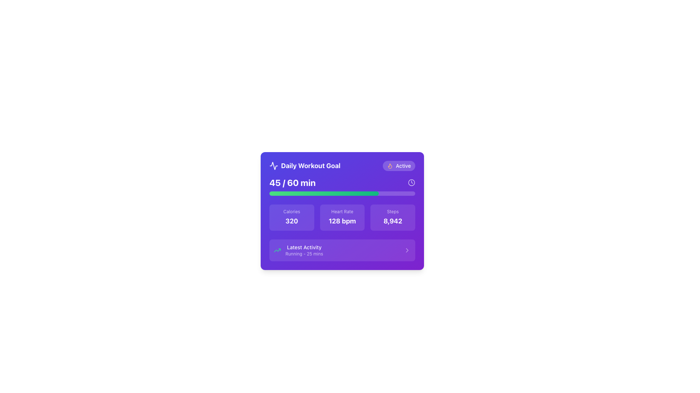 The width and height of the screenshot is (700, 393). What do you see at coordinates (398, 166) in the screenshot?
I see `the 'Active' badge located in the upper-right corner of the 'Daily Workout Goal' card, which features a white flame-shaped icon and bold white text` at bounding box center [398, 166].